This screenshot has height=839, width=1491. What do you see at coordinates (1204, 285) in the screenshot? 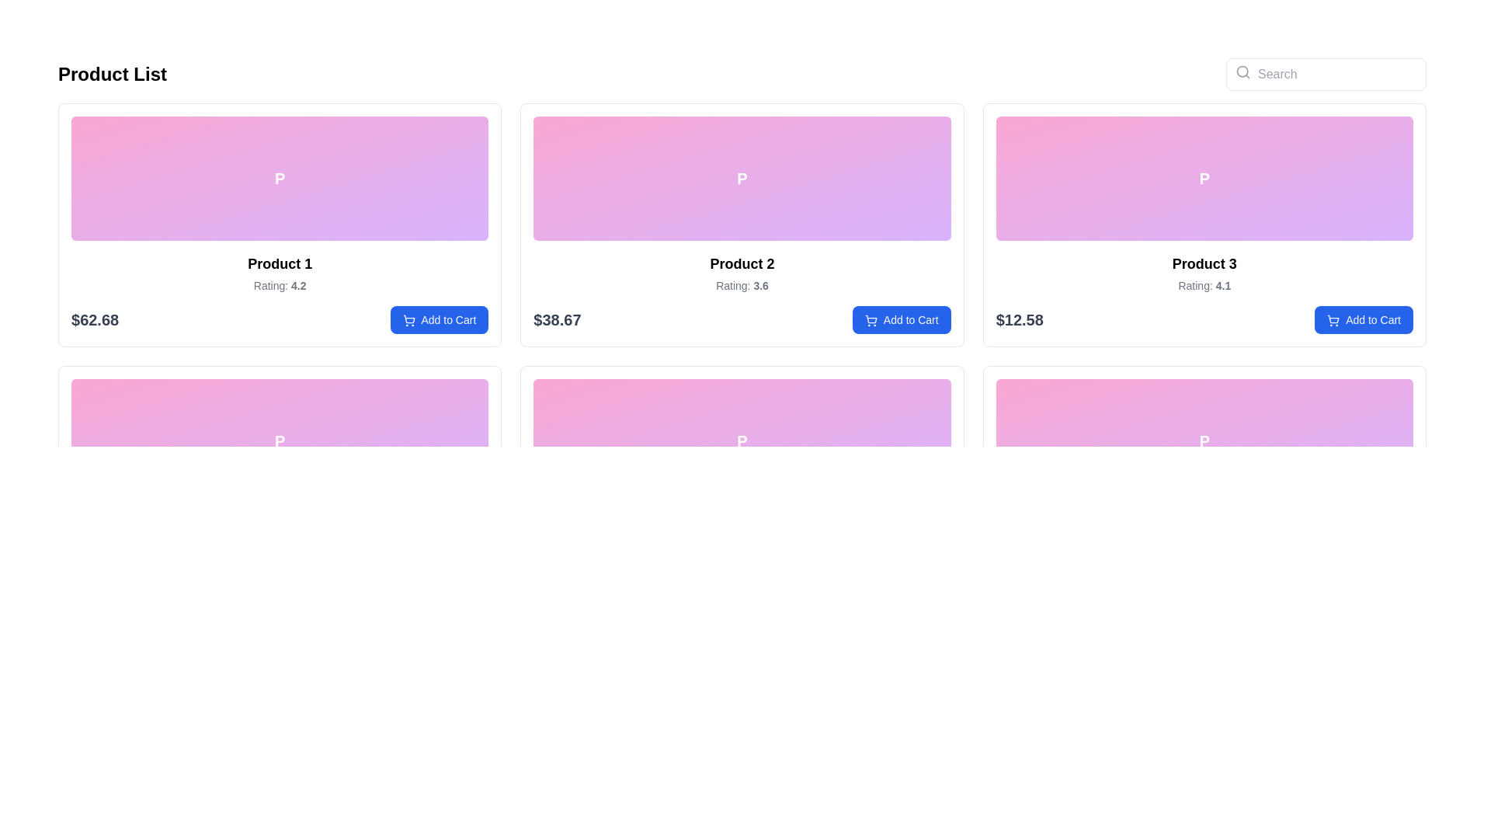
I see `the text label displaying the average rating of 'Product 3', which is located below the product title and directly above the price '$12.58'` at bounding box center [1204, 285].